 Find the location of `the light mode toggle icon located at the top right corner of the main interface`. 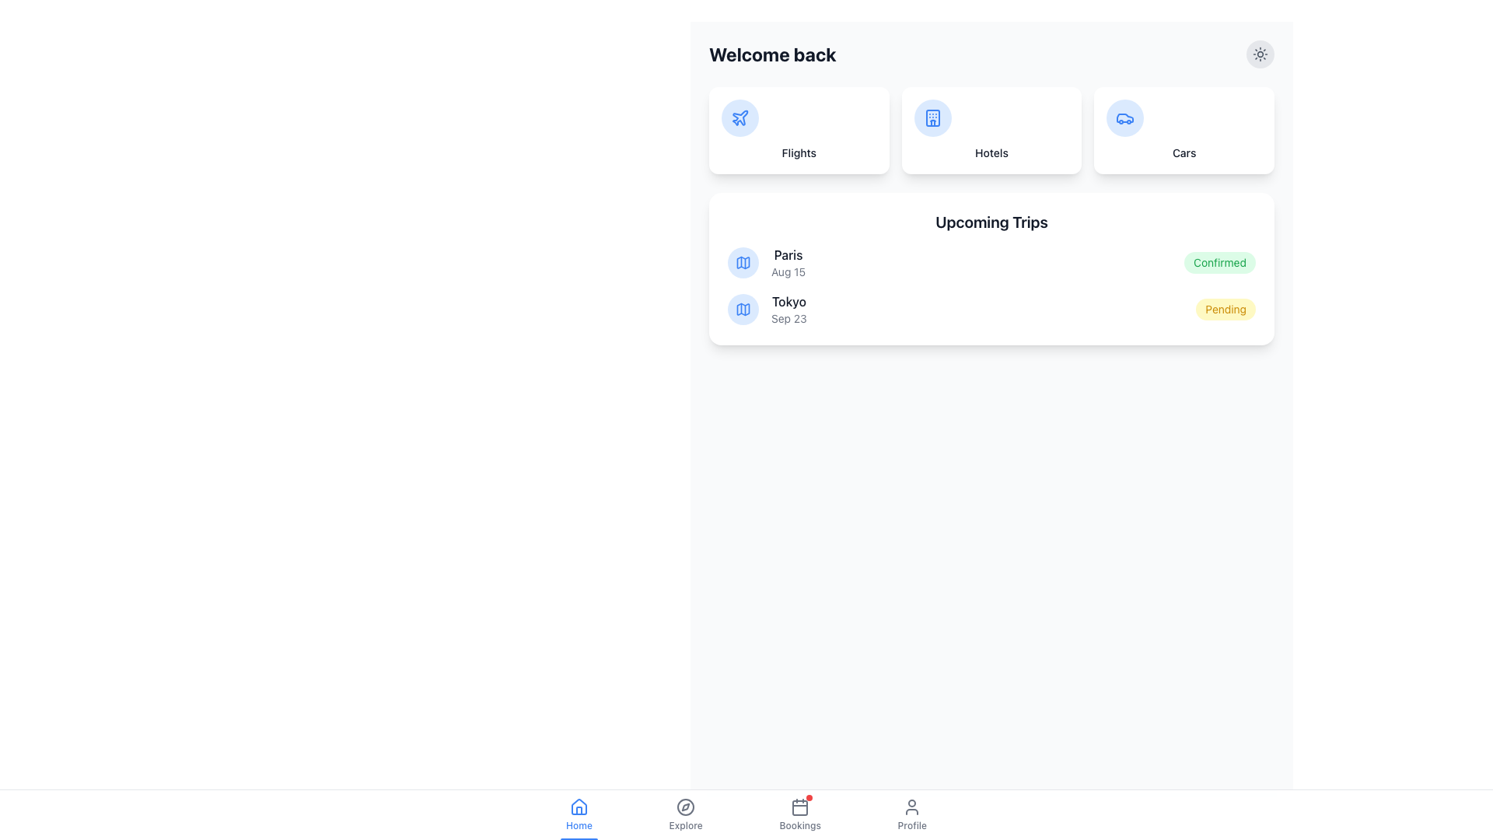

the light mode toggle icon located at the top right corner of the main interface is located at coordinates (1260, 53).